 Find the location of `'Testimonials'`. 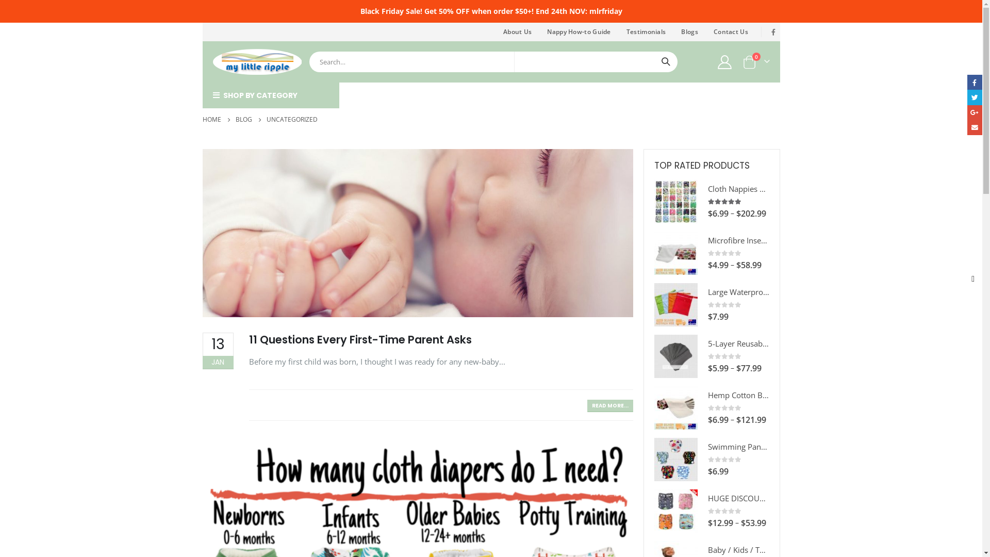

'Testimonials' is located at coordinates (646, 31).